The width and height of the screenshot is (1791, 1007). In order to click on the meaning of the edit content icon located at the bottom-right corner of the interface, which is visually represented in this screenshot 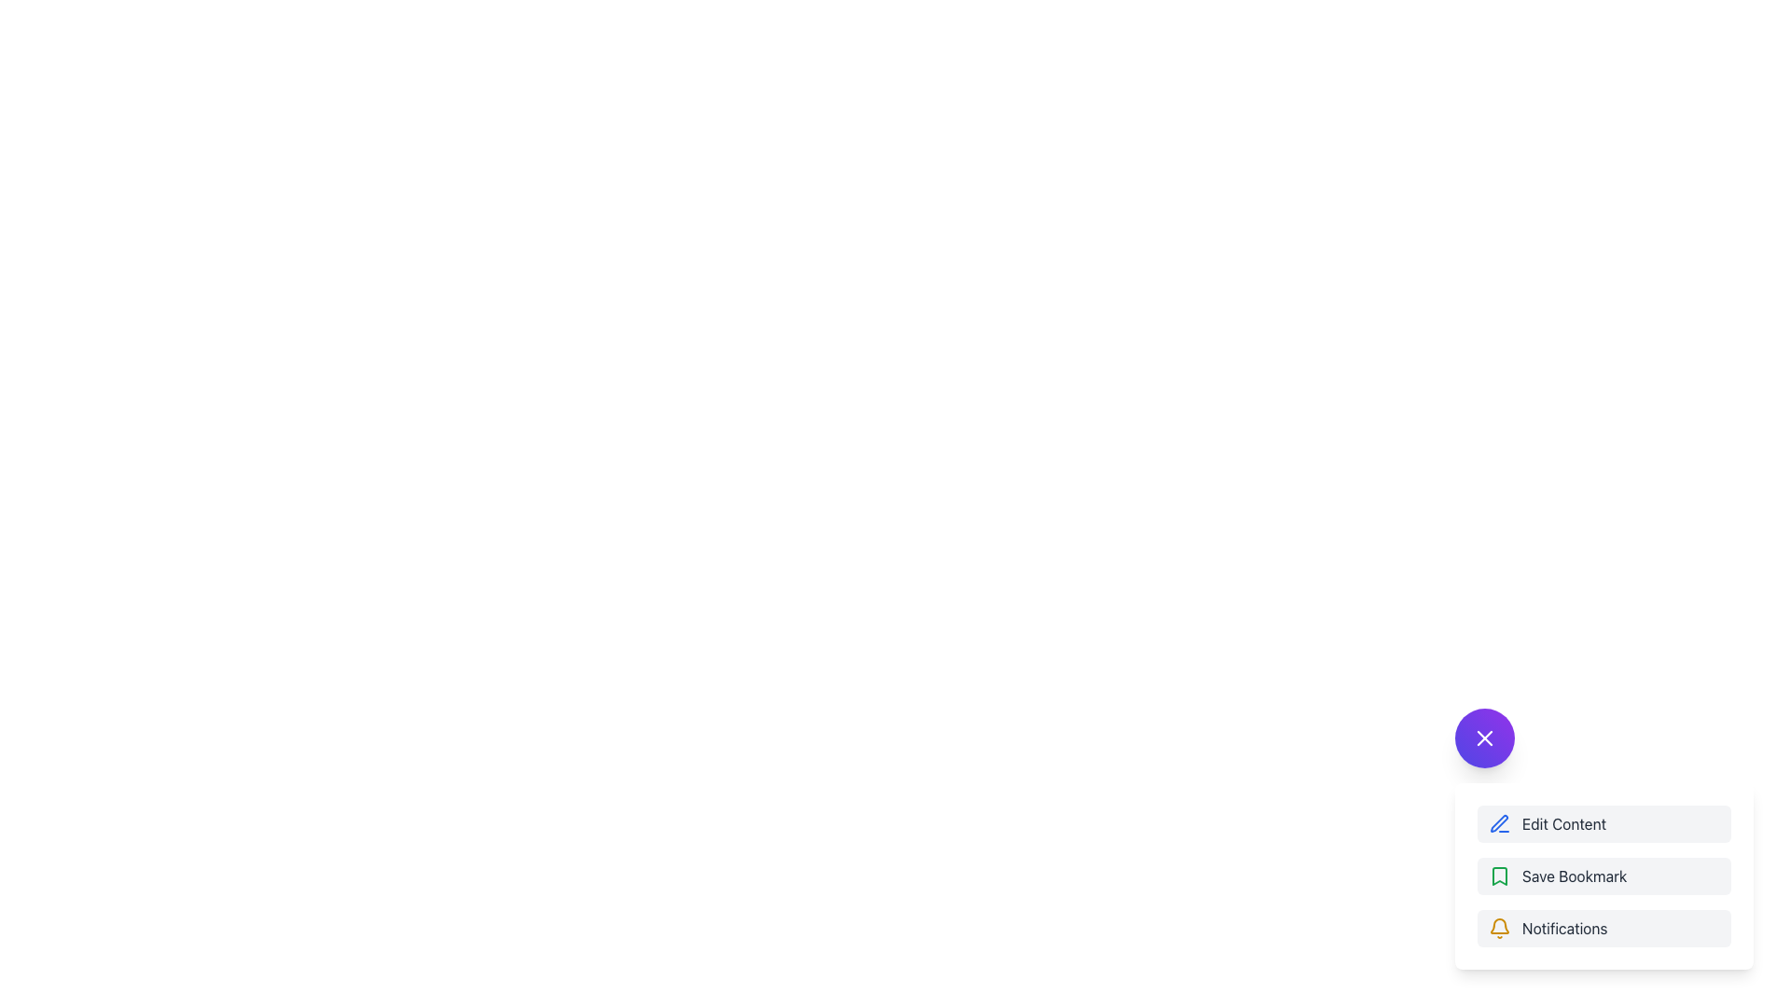, I will do `click(1500, 822)`.